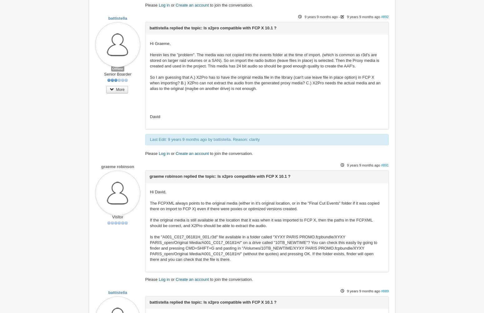 This screenshot has height=313, width=484. Describe the element at coordinates (230, 139) in the screenshot. I see `'.	Reason: clarity'` at that location.